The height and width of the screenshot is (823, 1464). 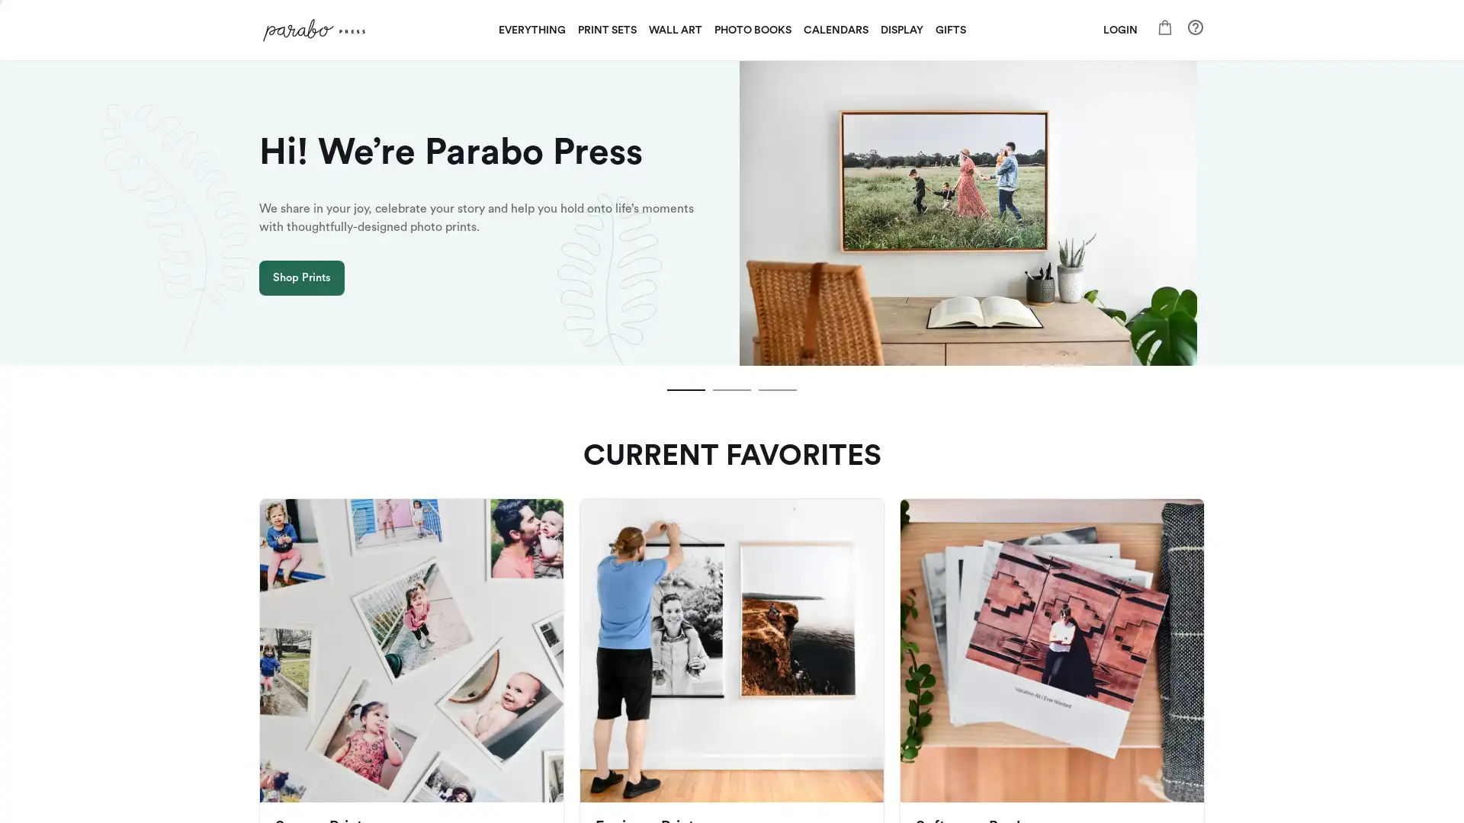 What do you see at coordinates (685, 389) in the screenshot?
I see `slide dot` at bounding box center [685, 389].